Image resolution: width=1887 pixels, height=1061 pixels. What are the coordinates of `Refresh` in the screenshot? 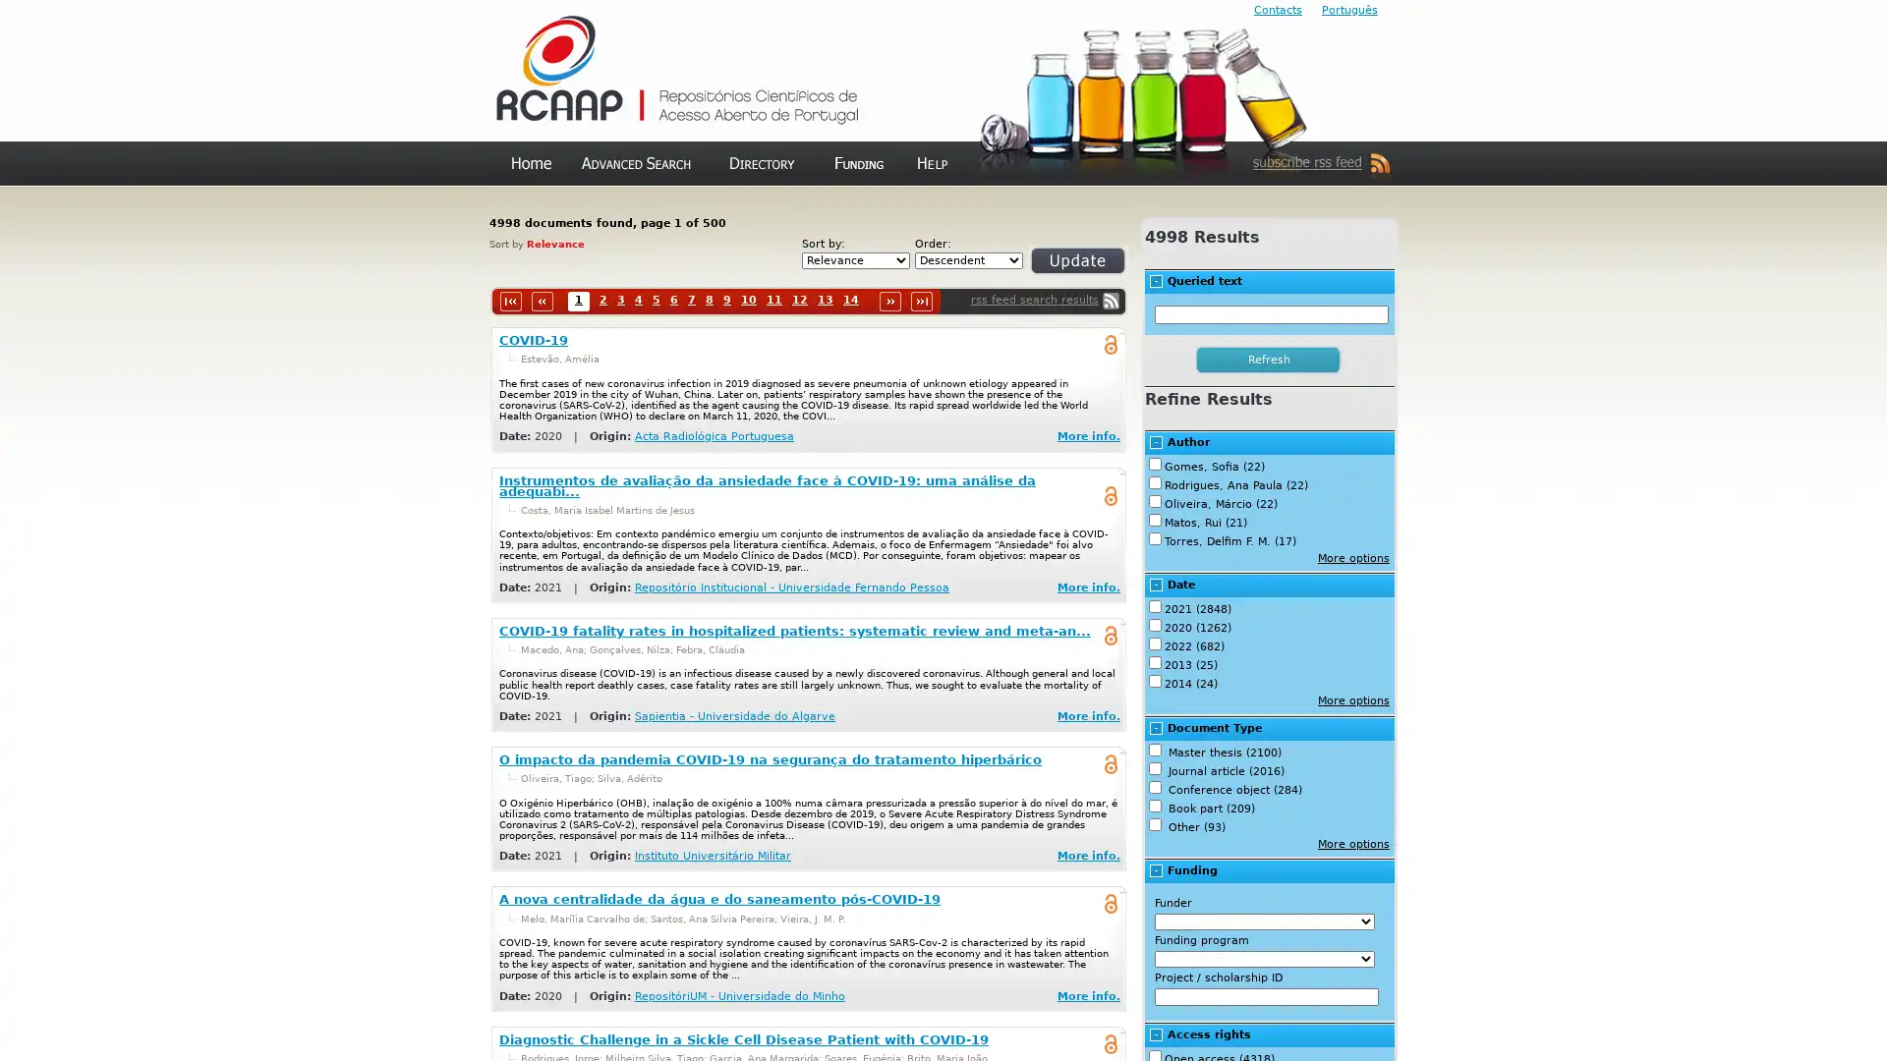 It's located at (1269, 360).